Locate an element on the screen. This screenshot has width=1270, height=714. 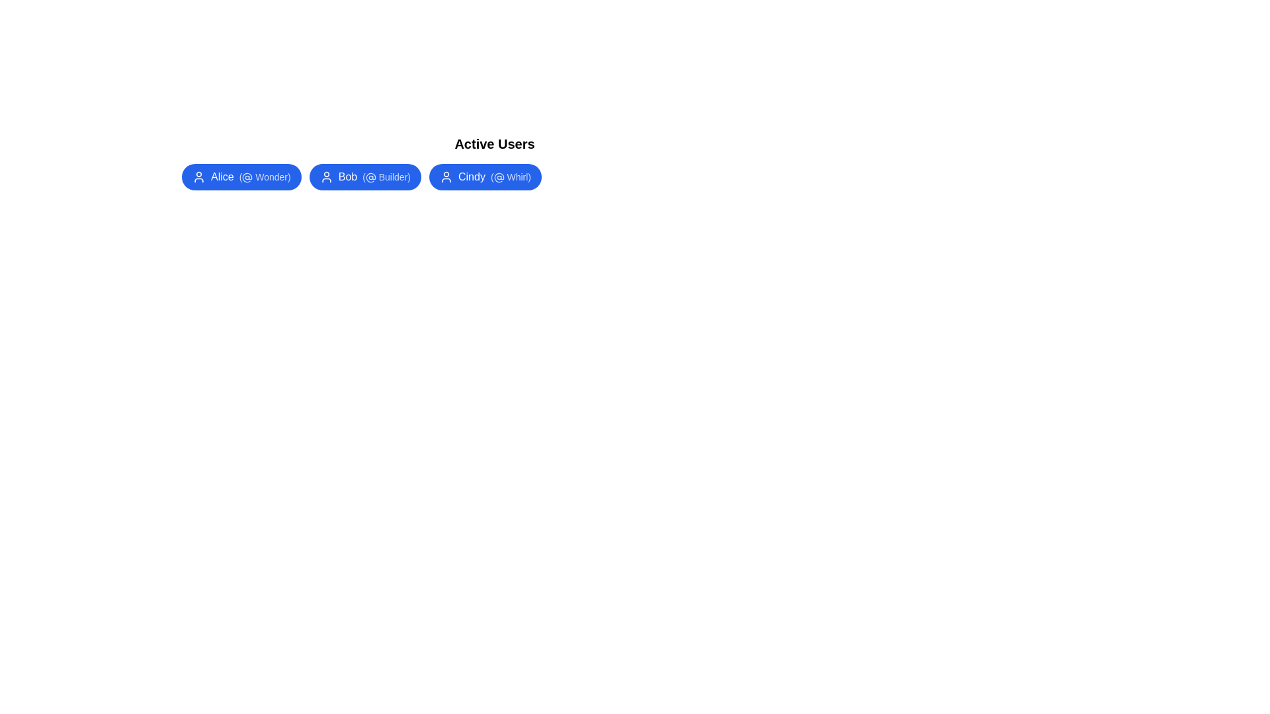
the user chip for Cindy is located at coordinates (485, 176).